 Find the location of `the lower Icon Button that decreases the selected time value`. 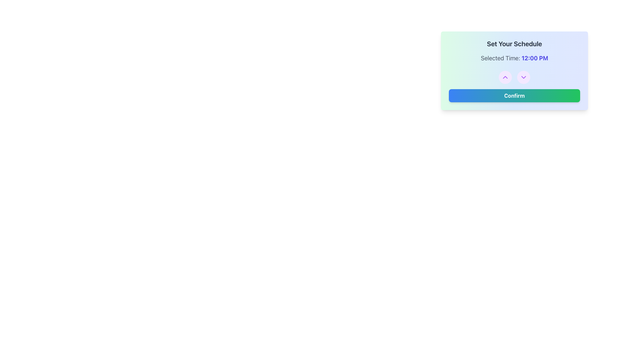

the lower Icon Button that decreases the selected time value is located at coordinates (523, 77).